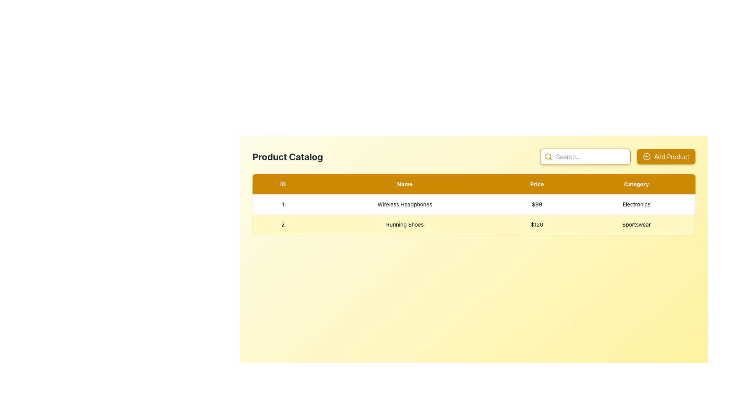  I want to click on the first row of the product catalog table that contains ID, product name, price, and category, which is located above the second row with 'Running Shoes', so click(473, 204).